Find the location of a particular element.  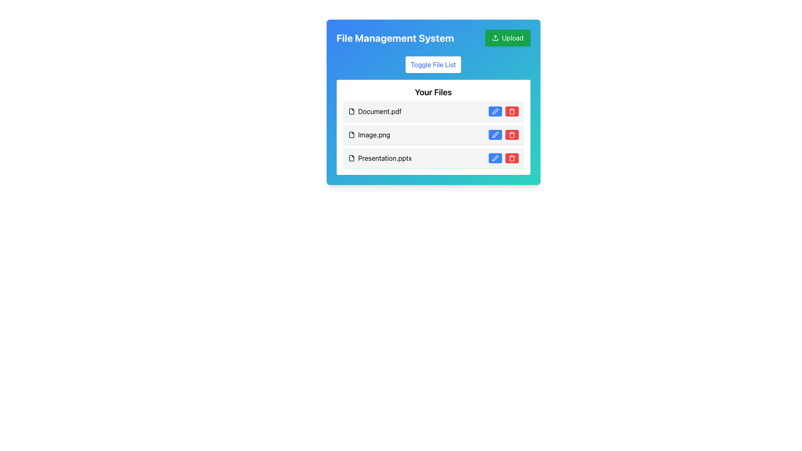

the file row containing the text label displaying 'Document.pdf', which is located under the 'Your Files' section is located at coordinates (374, 111).